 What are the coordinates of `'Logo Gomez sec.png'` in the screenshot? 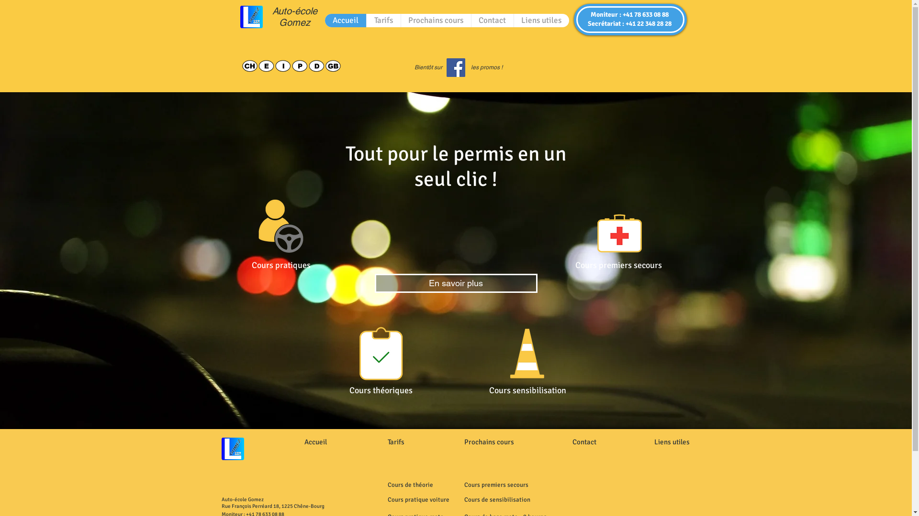 It's located at (240, 17).